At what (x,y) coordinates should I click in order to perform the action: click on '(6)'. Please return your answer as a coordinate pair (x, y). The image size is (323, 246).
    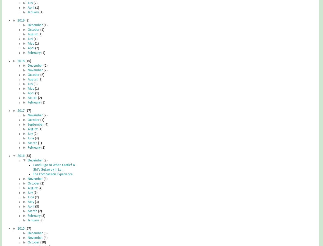
    Looking at the image, I should click on (35, 192).